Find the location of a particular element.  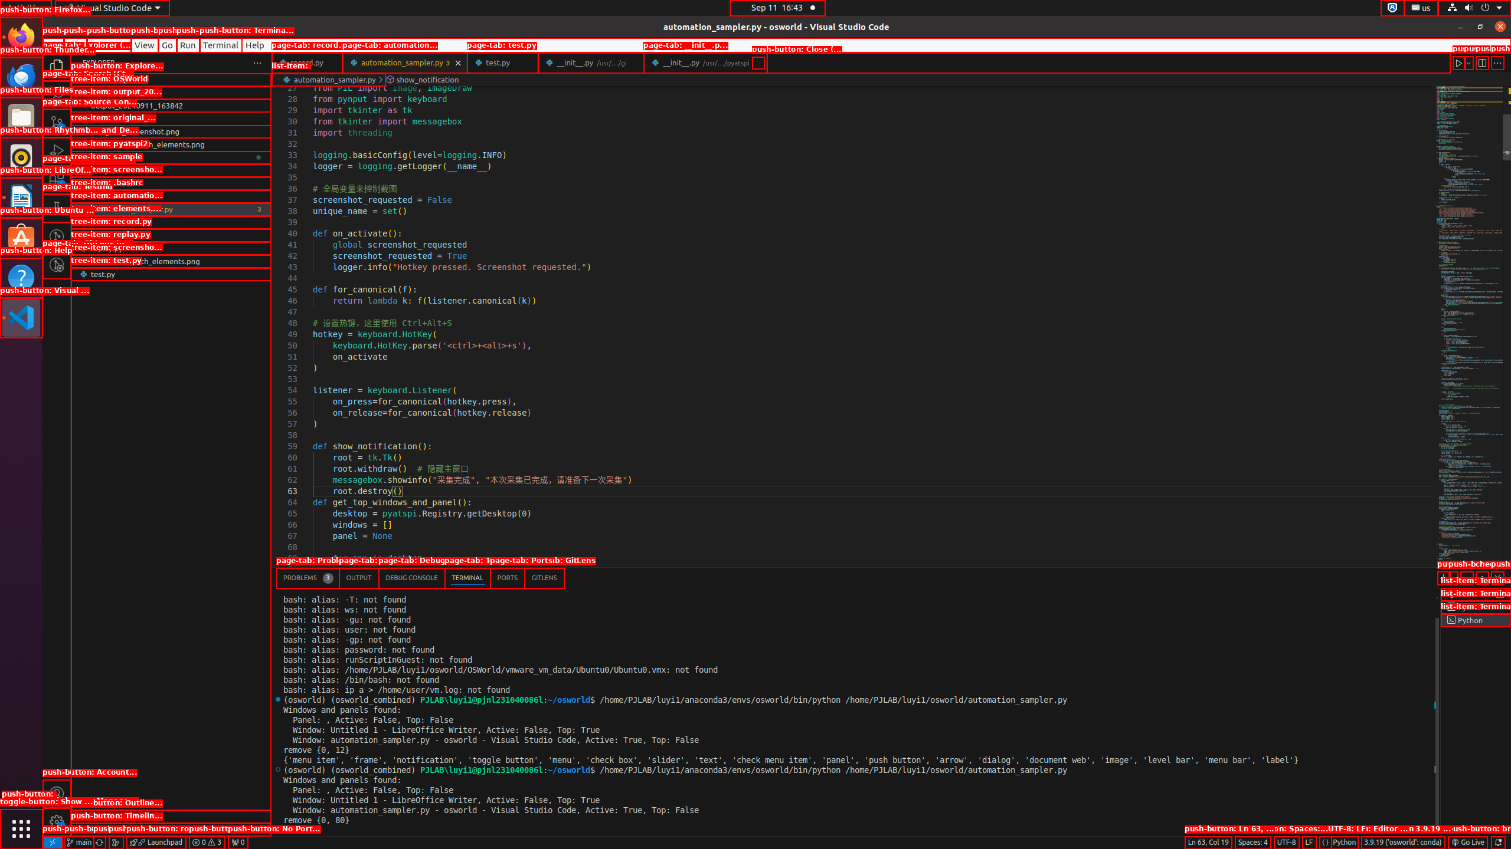

'UTF-8' is located at coordinates (1286, 842).